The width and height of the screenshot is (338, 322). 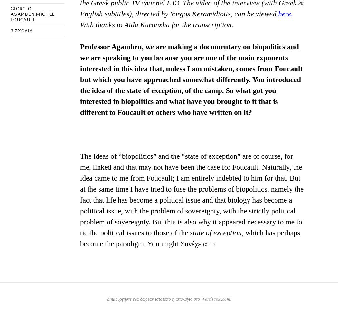 What do you see at coordinates (215, 232) in the screenshot?
I see `'state of exception'` at bounding box center [215, 232].